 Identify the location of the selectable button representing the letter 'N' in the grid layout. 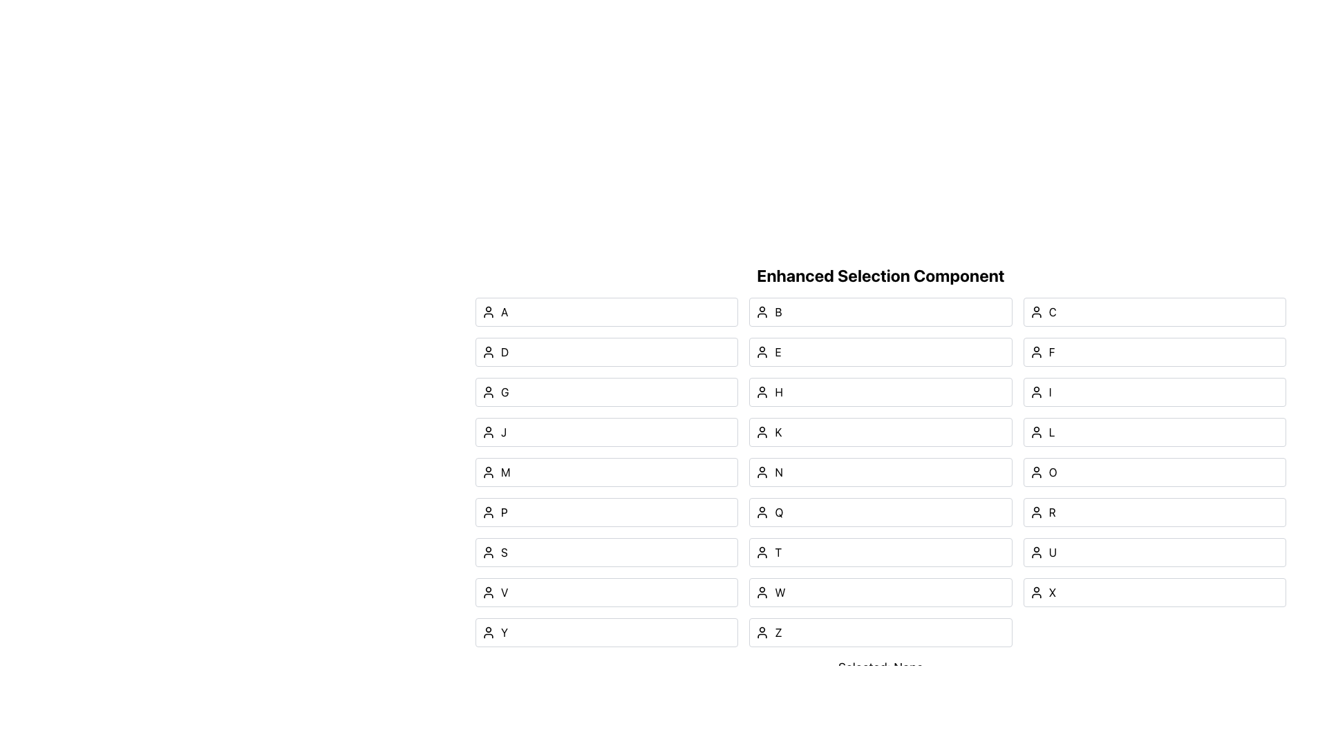
(880, 471).